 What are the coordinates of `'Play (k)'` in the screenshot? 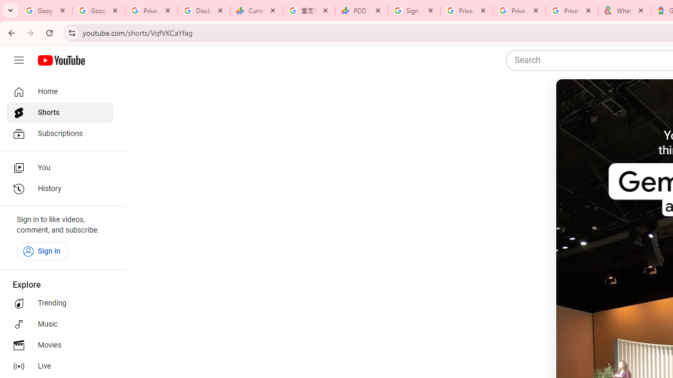 It's located at (576, 100).